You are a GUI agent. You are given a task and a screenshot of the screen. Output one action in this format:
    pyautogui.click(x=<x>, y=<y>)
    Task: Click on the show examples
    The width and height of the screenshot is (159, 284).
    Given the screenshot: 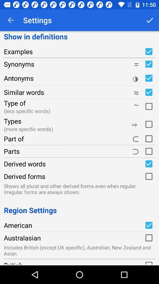 What is the action you would take?
    pyautogui.click(x=148, y=51)
    